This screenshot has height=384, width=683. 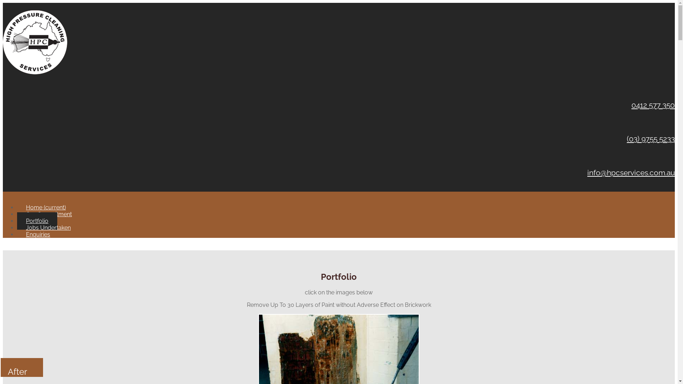 What do you see at coordinates (17, 234) in the screenshot?
I see `'Enquiries'` at bounding box center [17, 234].